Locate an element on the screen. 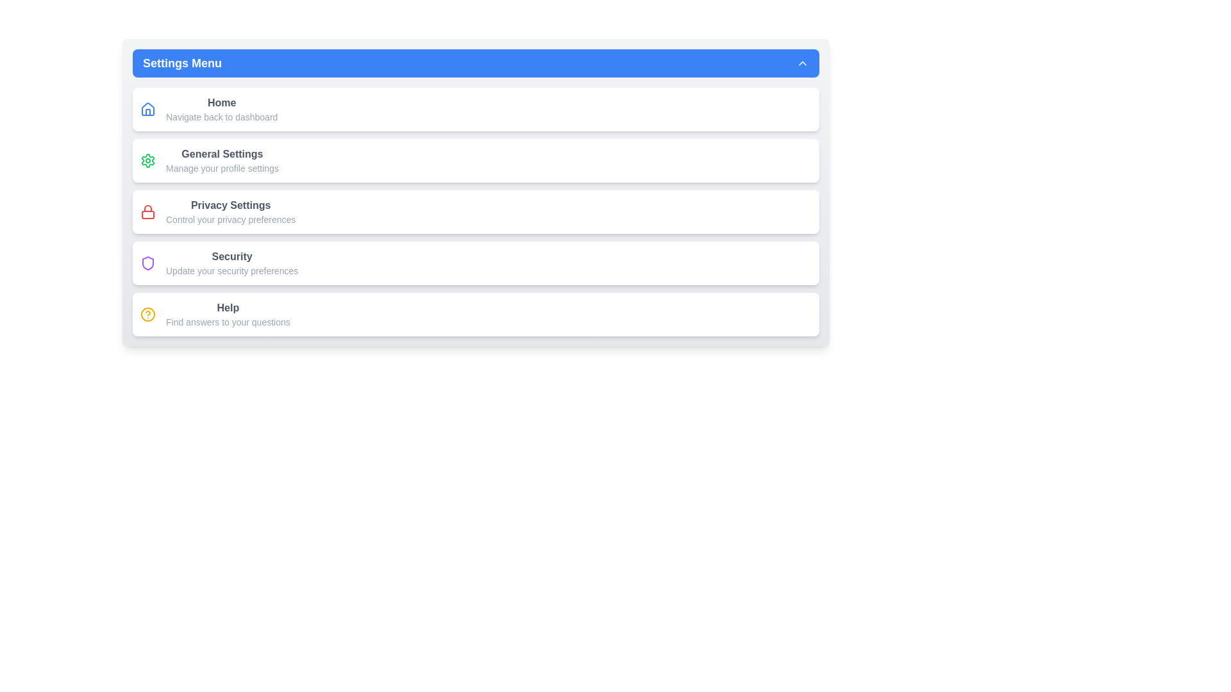  the 'General Settings' icon located at the top-left corner of the 'General Settings' menu item is located at coordinates (147, 160).